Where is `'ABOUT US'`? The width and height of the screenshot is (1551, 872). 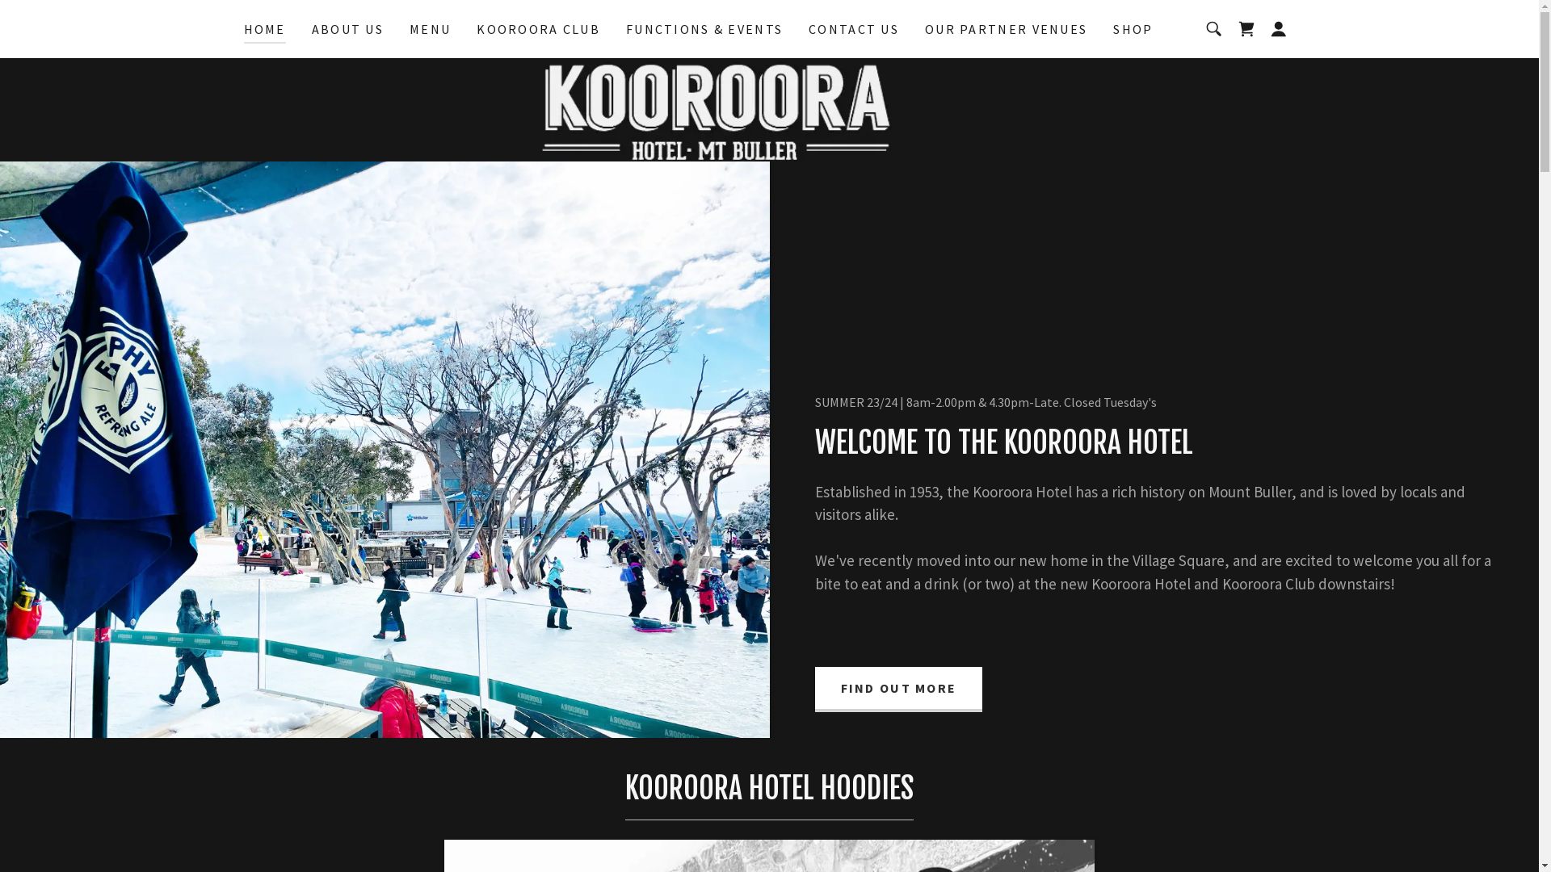 'ABOUT US' is located at coordinates (347, 28).